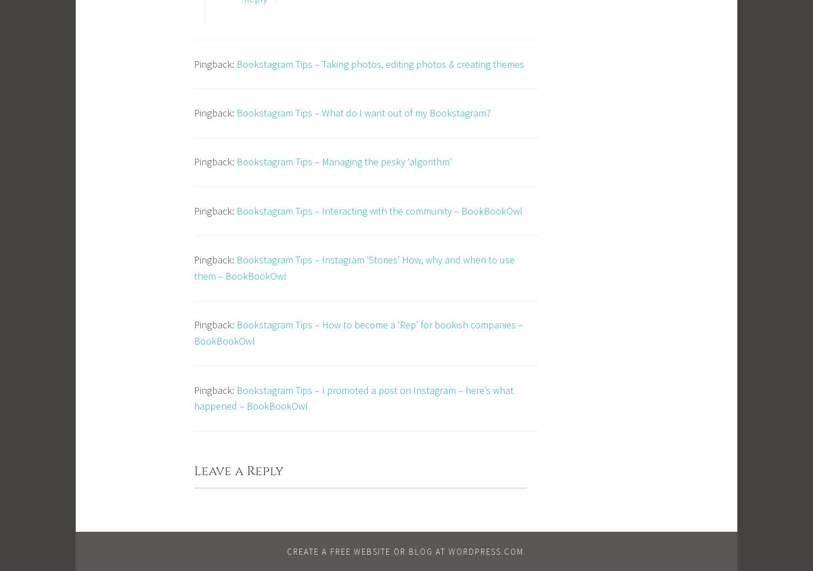 The height and width of the screenshot is (571, 813). I want to click on 'Leave a Reply', so click(238, 470).